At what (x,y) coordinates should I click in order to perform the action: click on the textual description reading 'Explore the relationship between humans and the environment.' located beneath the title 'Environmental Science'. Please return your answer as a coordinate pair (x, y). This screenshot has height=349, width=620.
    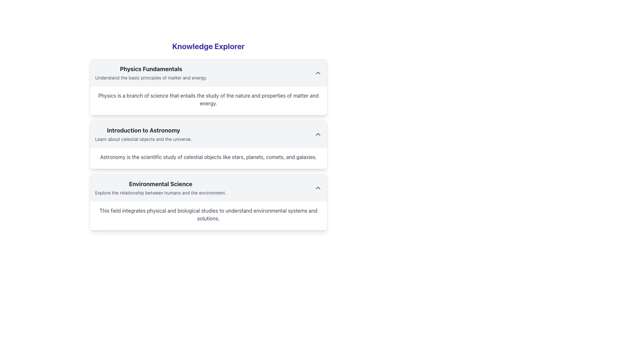
    Looking at the image, I should click on (160, 192).